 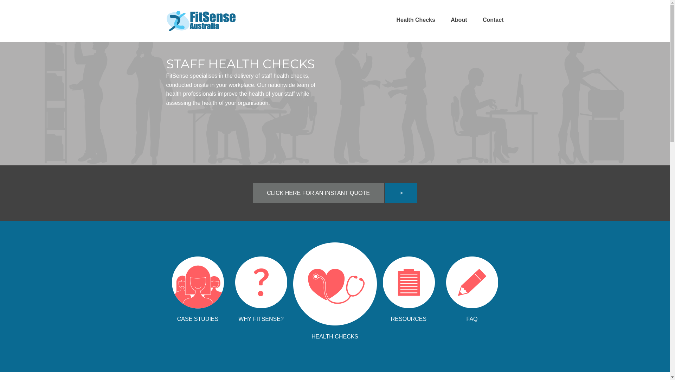 What do you see at coordinates (200, 31) in the screenshot?
I see `'FitSense Home Page'` at bounding box center [200, 31].